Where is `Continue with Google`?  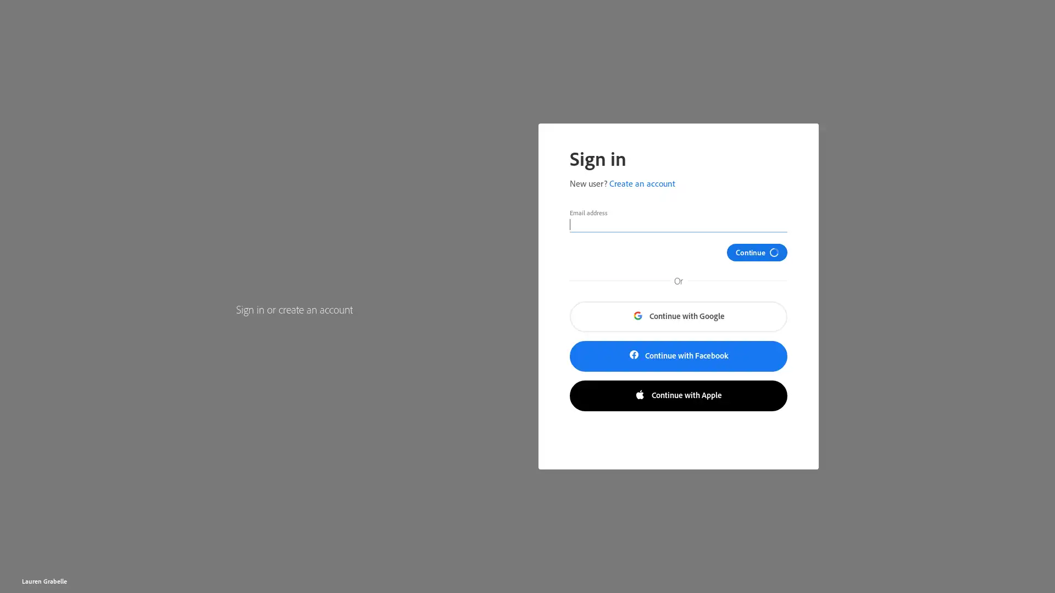 Continue with Google is located at coordinates (678, 317).